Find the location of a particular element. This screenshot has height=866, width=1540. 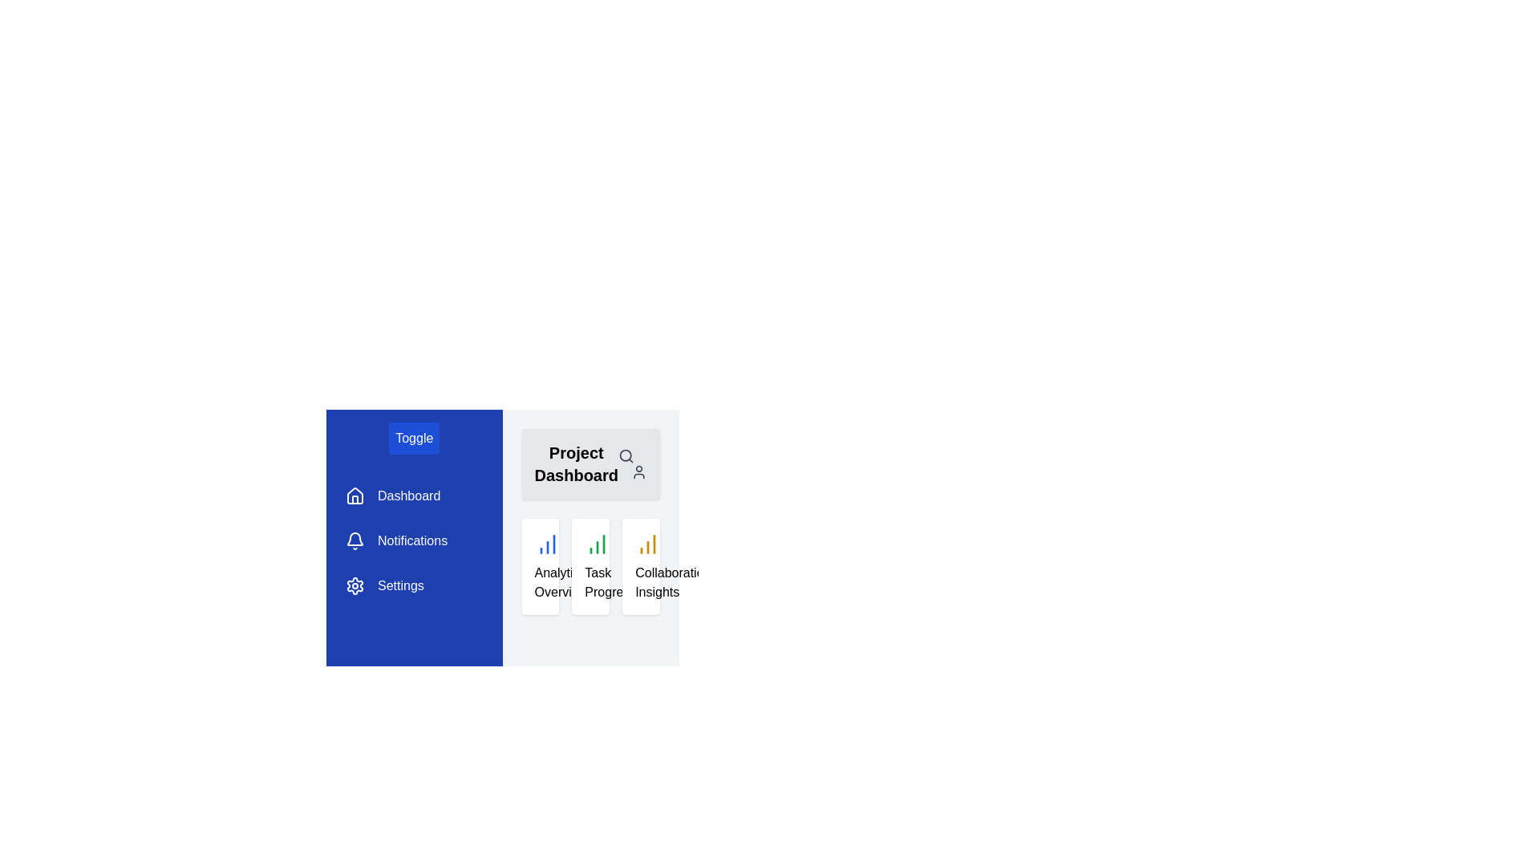

the notification icon located to the left of the 'Notifications' text in the second item of the vertical menu bar on the left side of the interface is located at coordinates (354, 541).